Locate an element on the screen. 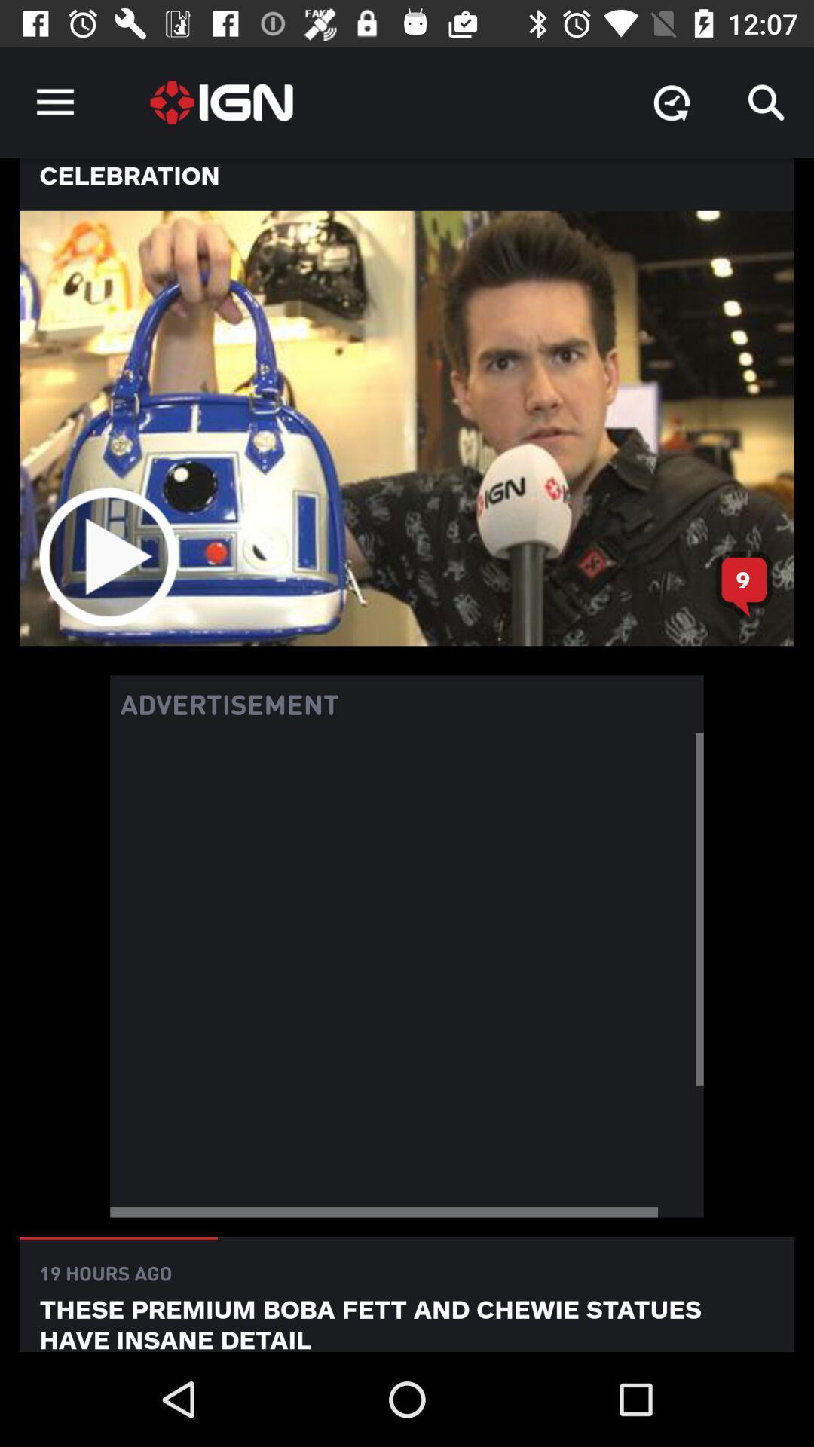  the item above none of these icon is located at coordinates (767, 102).